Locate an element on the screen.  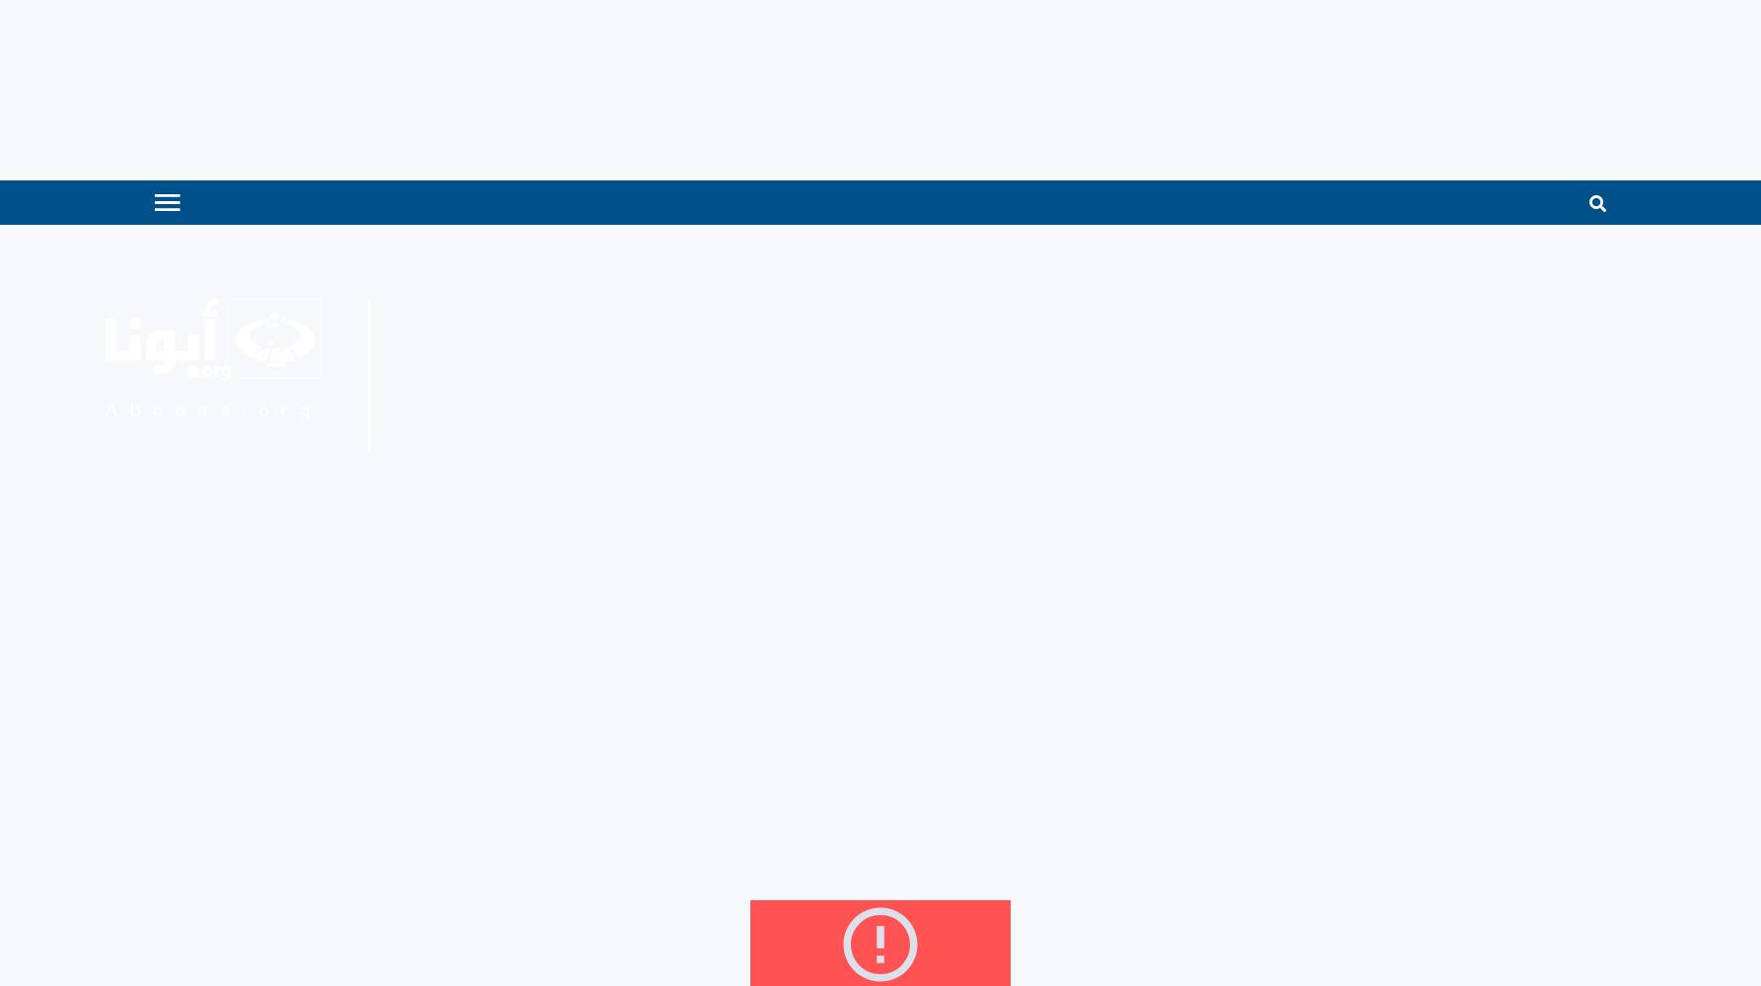
'All rights reserved © 2020 Abouna' is located at coordinates (224, 555).